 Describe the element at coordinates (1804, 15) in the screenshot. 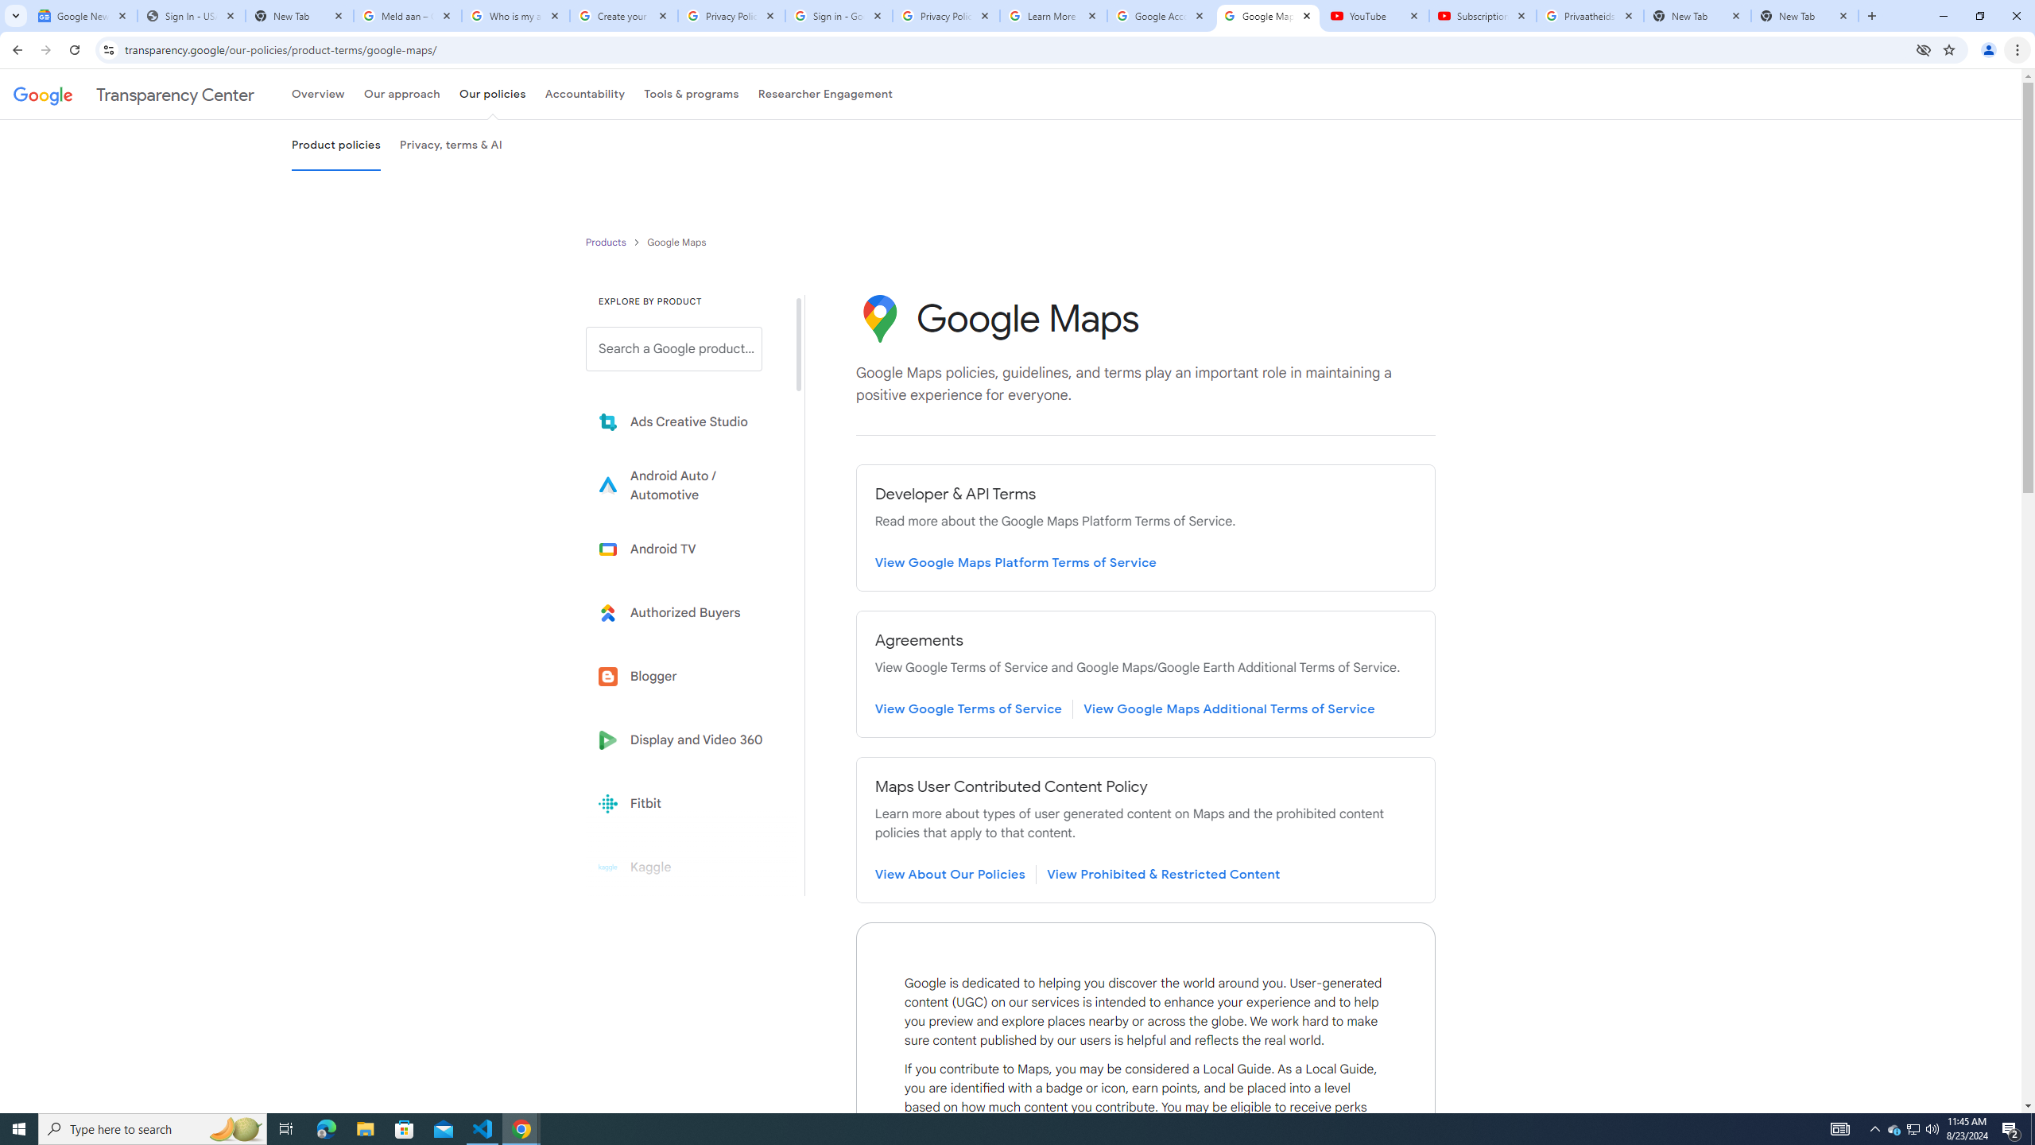

I see `'New Tab'` at that location.